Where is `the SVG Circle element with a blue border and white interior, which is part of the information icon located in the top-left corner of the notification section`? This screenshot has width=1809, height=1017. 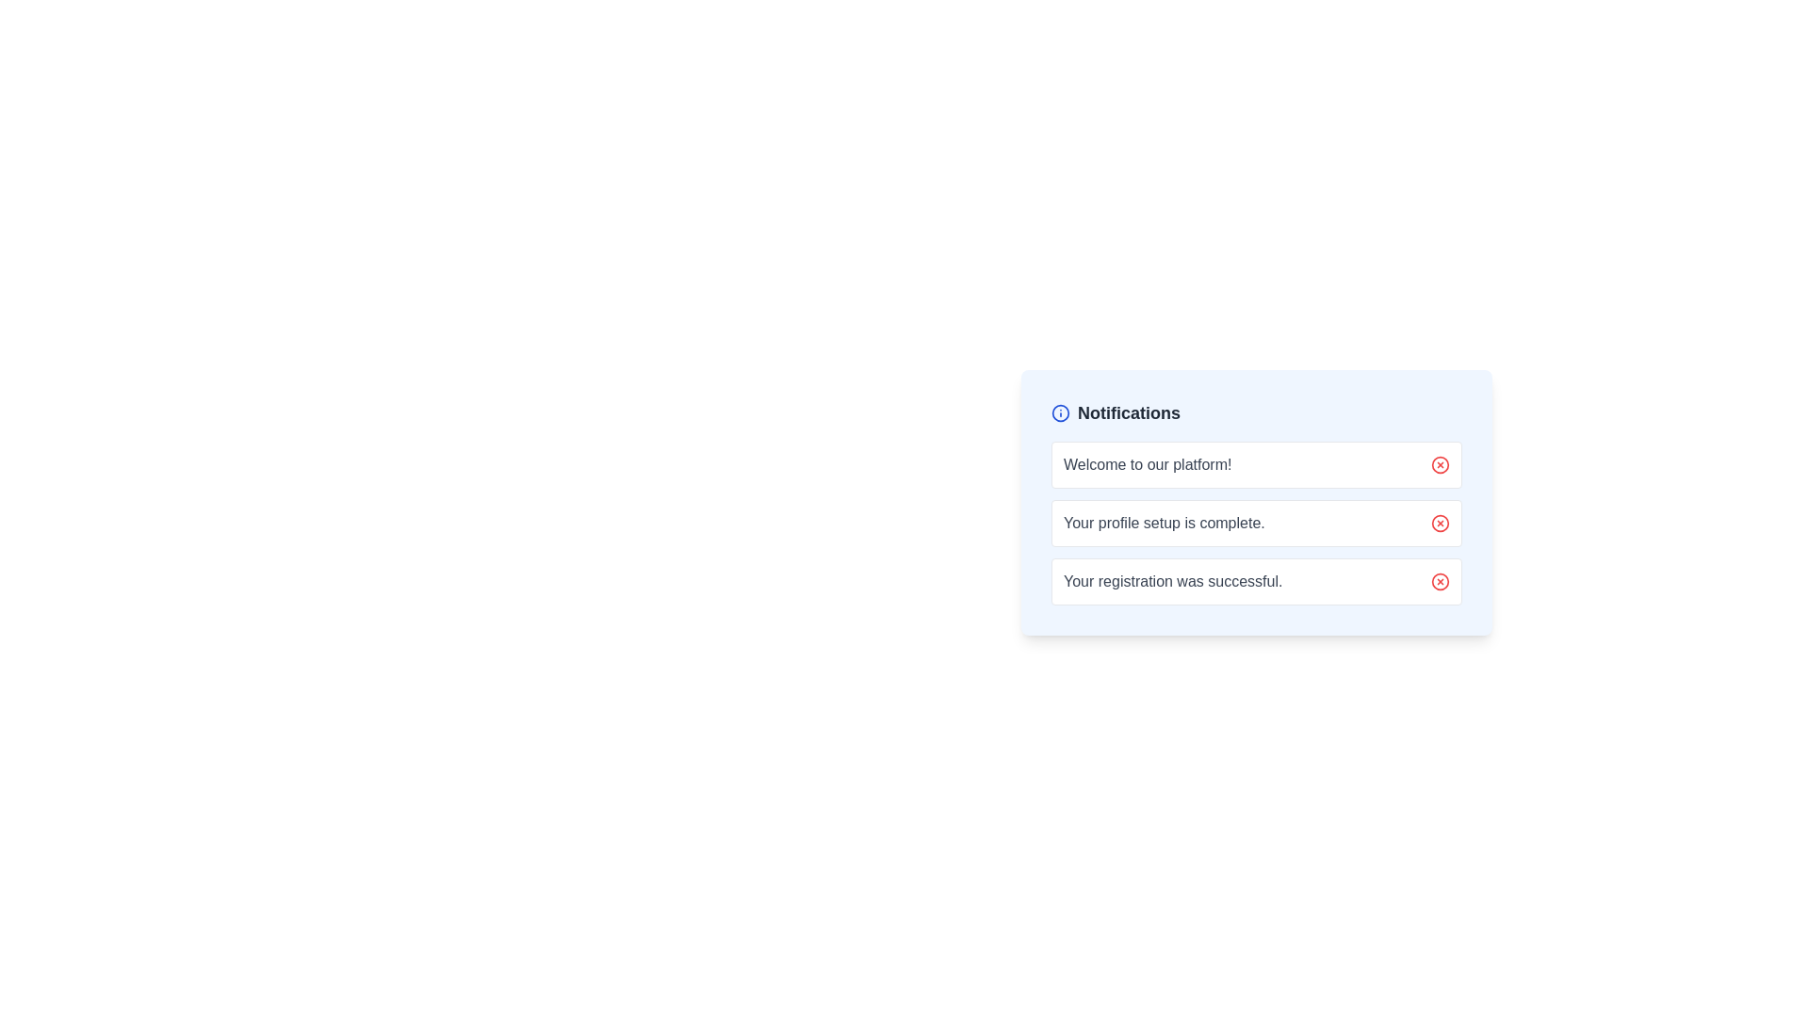 the SVG Circle element with a blue border and white interior, which is part of the information icon located in the top-left corner of the notification section is located at coordinates (1061, 412).